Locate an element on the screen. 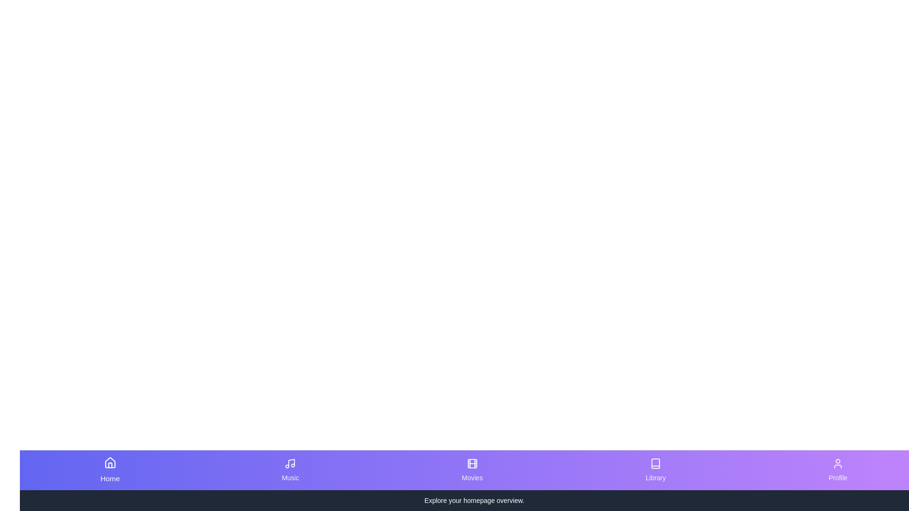  the Home button to observe the transition effect is located at coordinates (109, 470).